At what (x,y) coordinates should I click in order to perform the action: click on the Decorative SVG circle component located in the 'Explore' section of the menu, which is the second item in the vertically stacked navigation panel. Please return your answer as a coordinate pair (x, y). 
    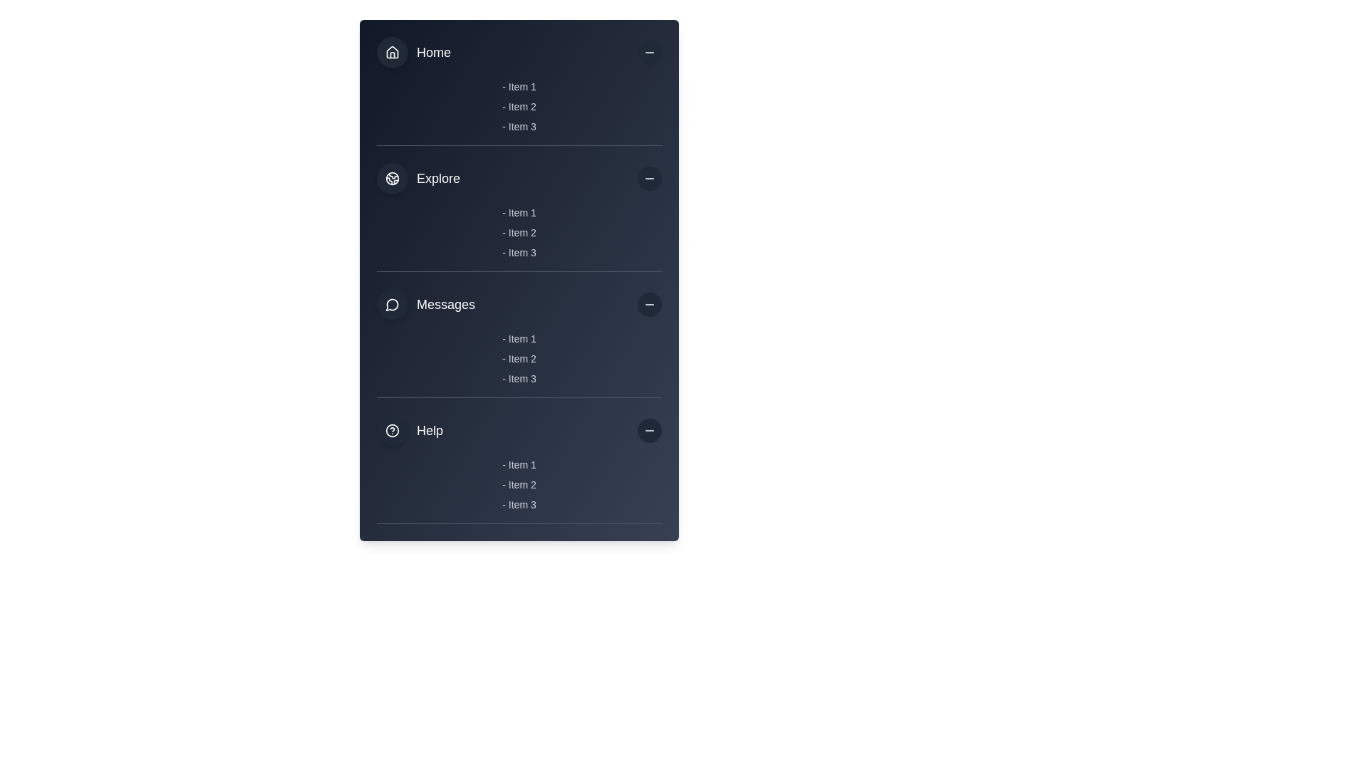
    Looking at the image, I should click on (393, 177).